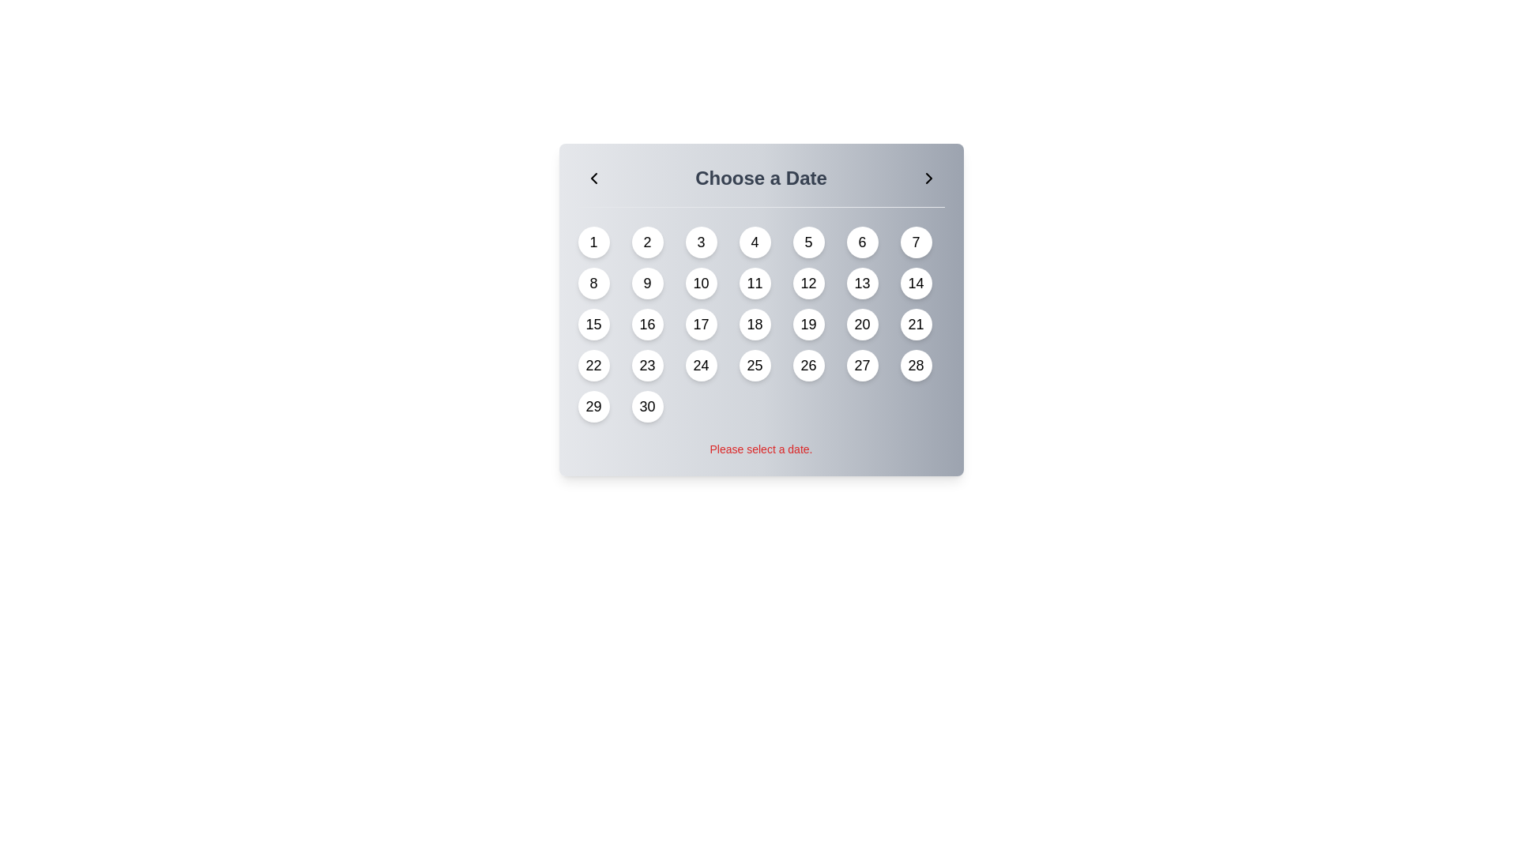 Image resolution: width=1517 pixels, height=853 pixels. What do you see at coordinates (808, 282) in the screenshot?
I see `the circular button with a white background and a black '12' centered on it` at bounding box center [808, 282].